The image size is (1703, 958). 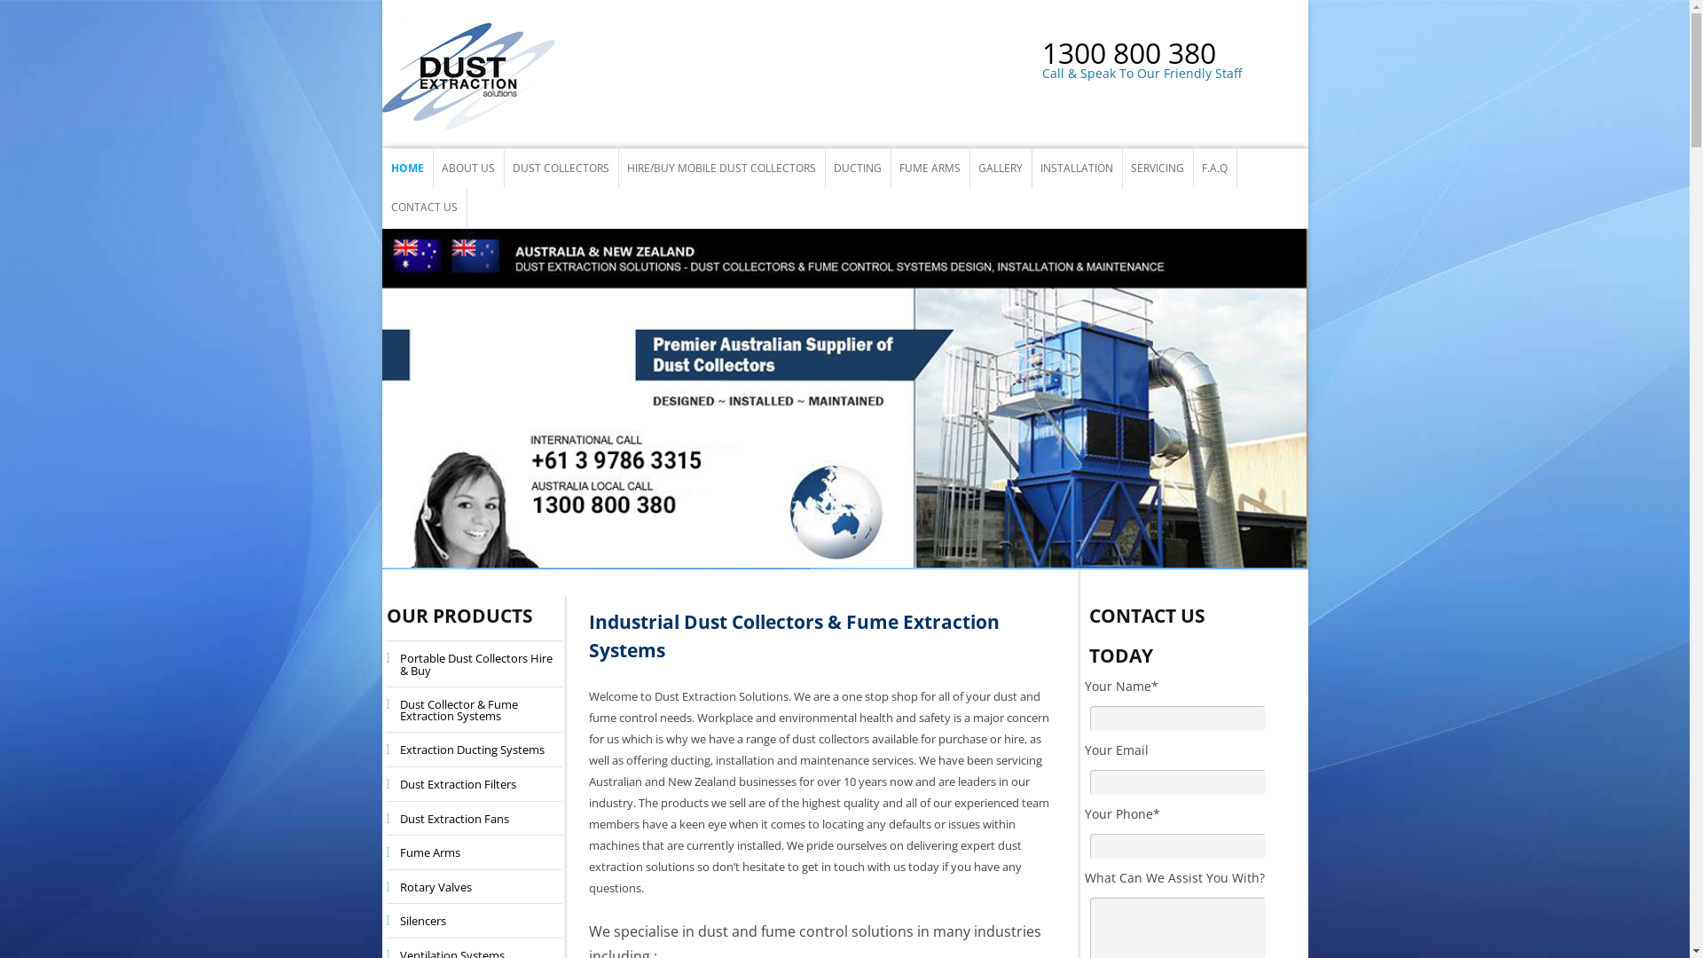 I want to click on 'Dust Extraction Filters', so click(x=452, y=782).